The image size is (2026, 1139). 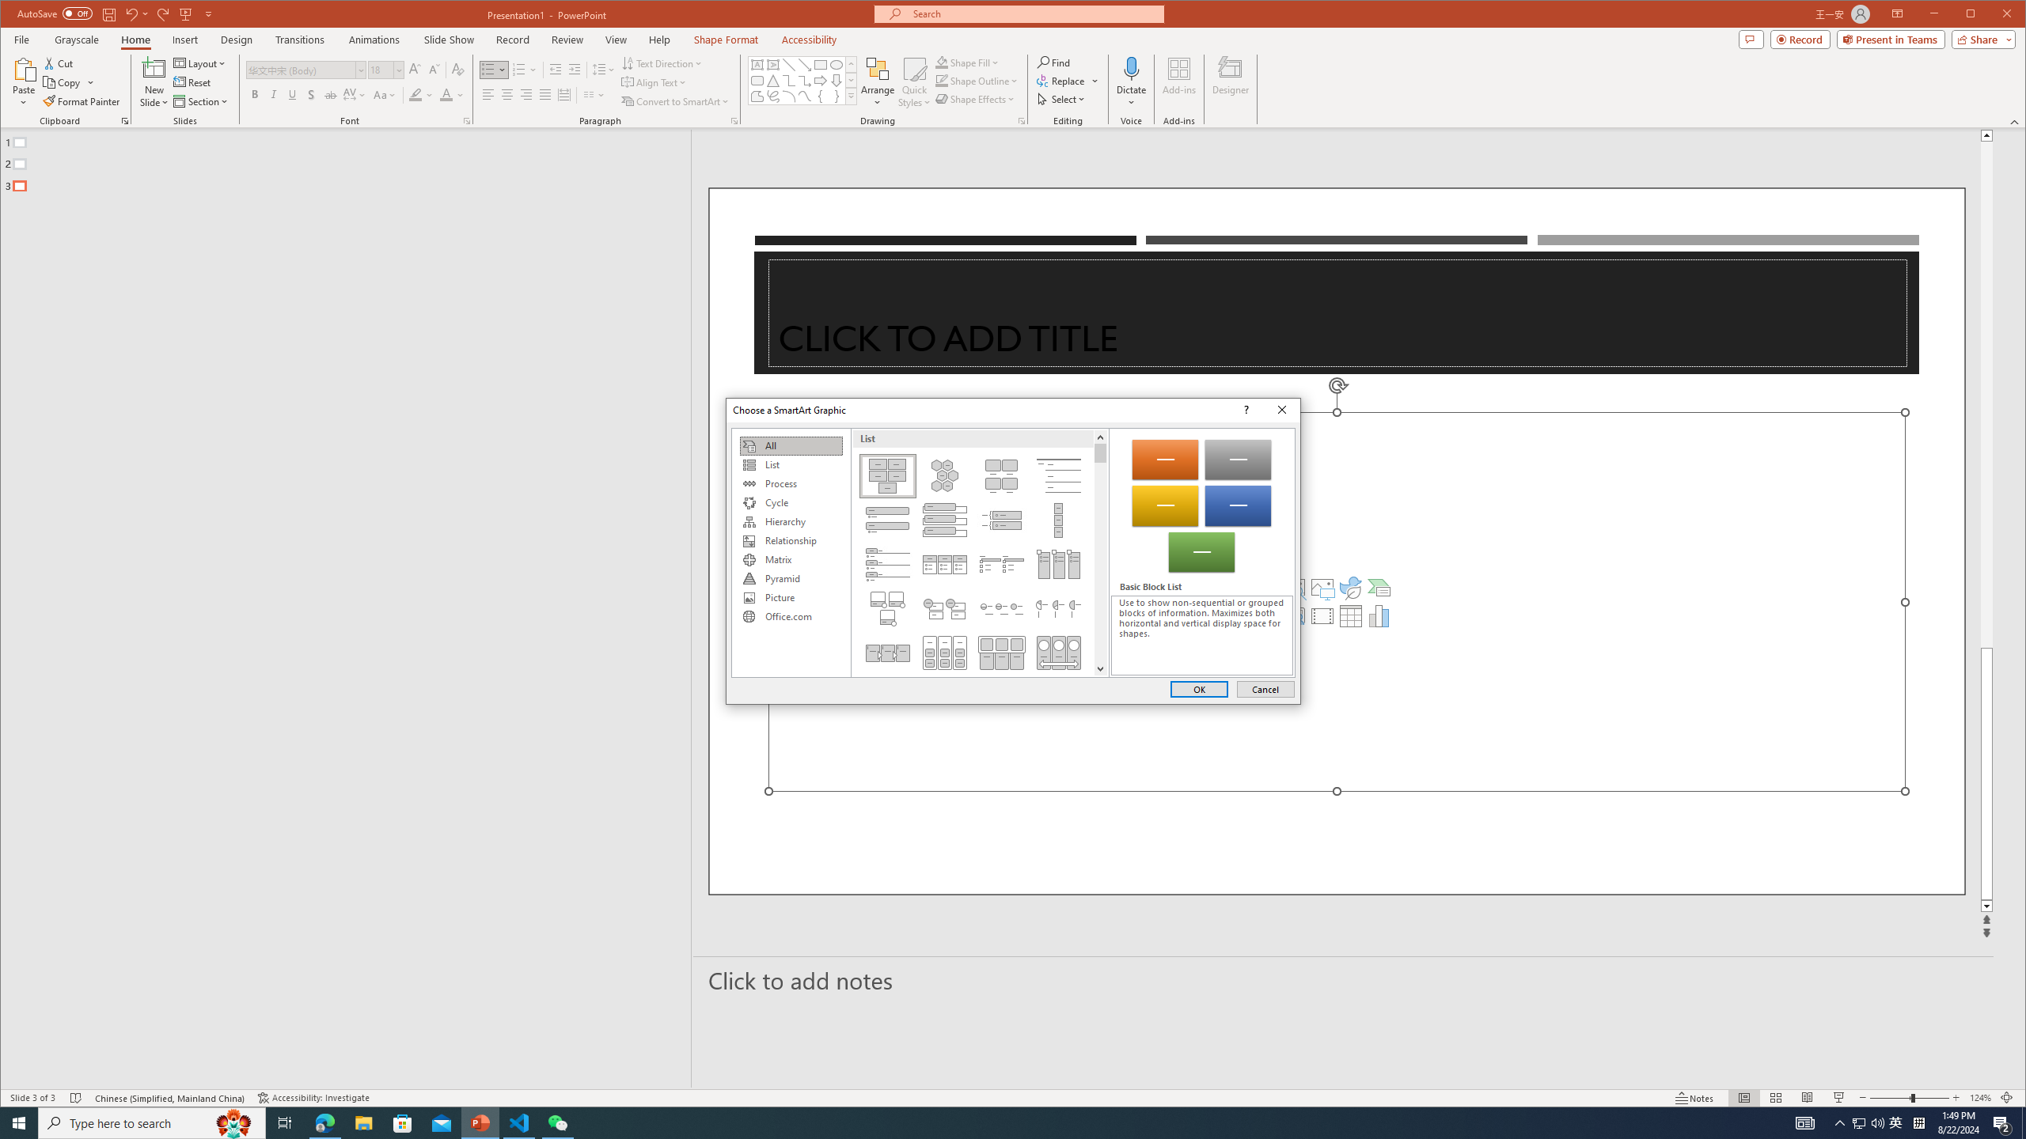 I want to click on 'WeChat - 1 running window', so click(x=558, y=1122).